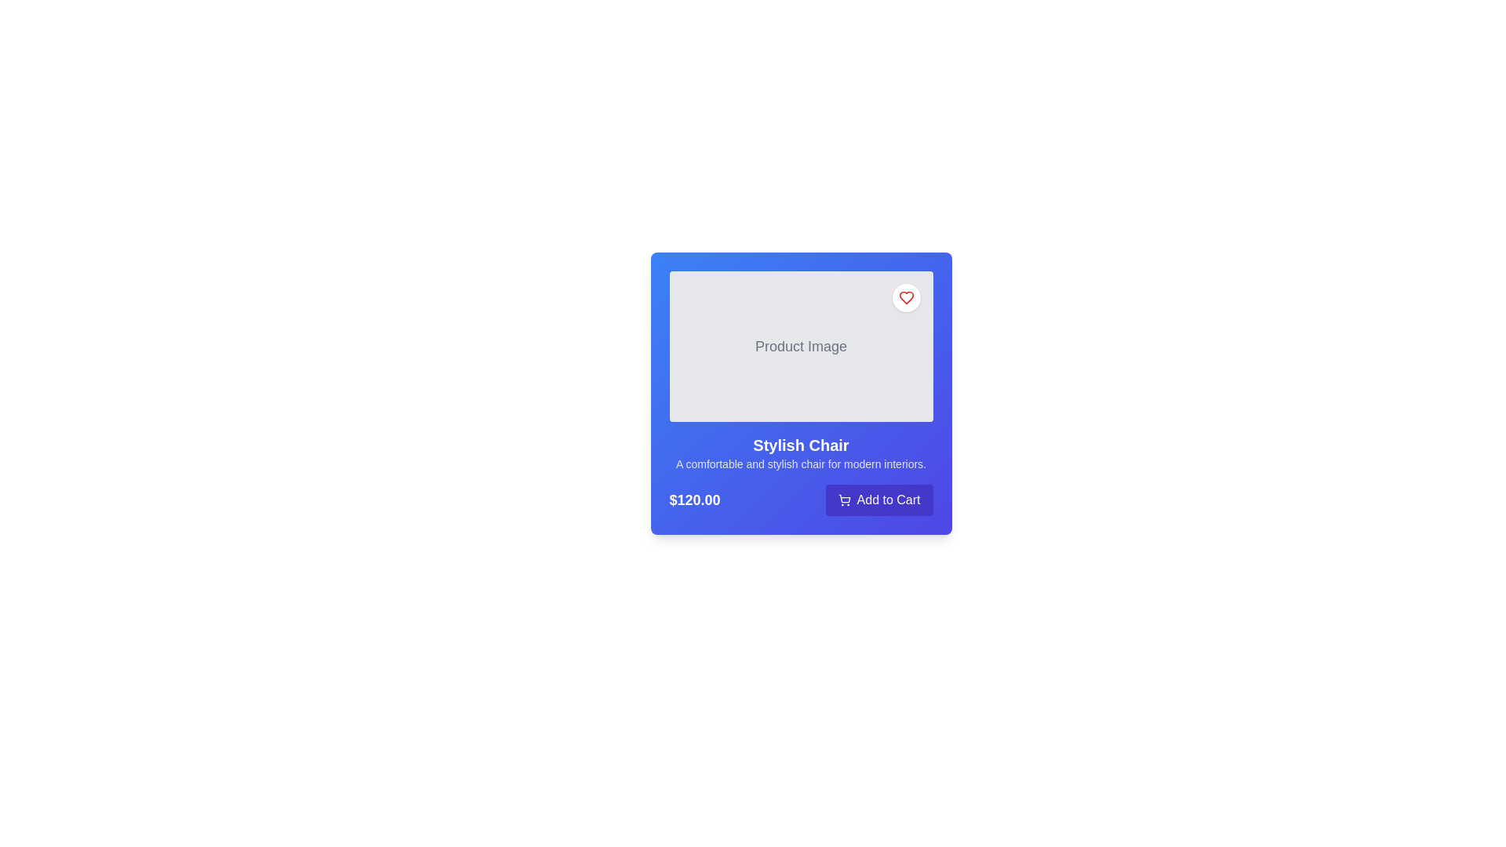 This screenshot has height=847, width=1506. I want to click on descriptive text located directly below the 'Stylish Chair' title in the product card interface to understand the product features and appeal, so click(801, 463).